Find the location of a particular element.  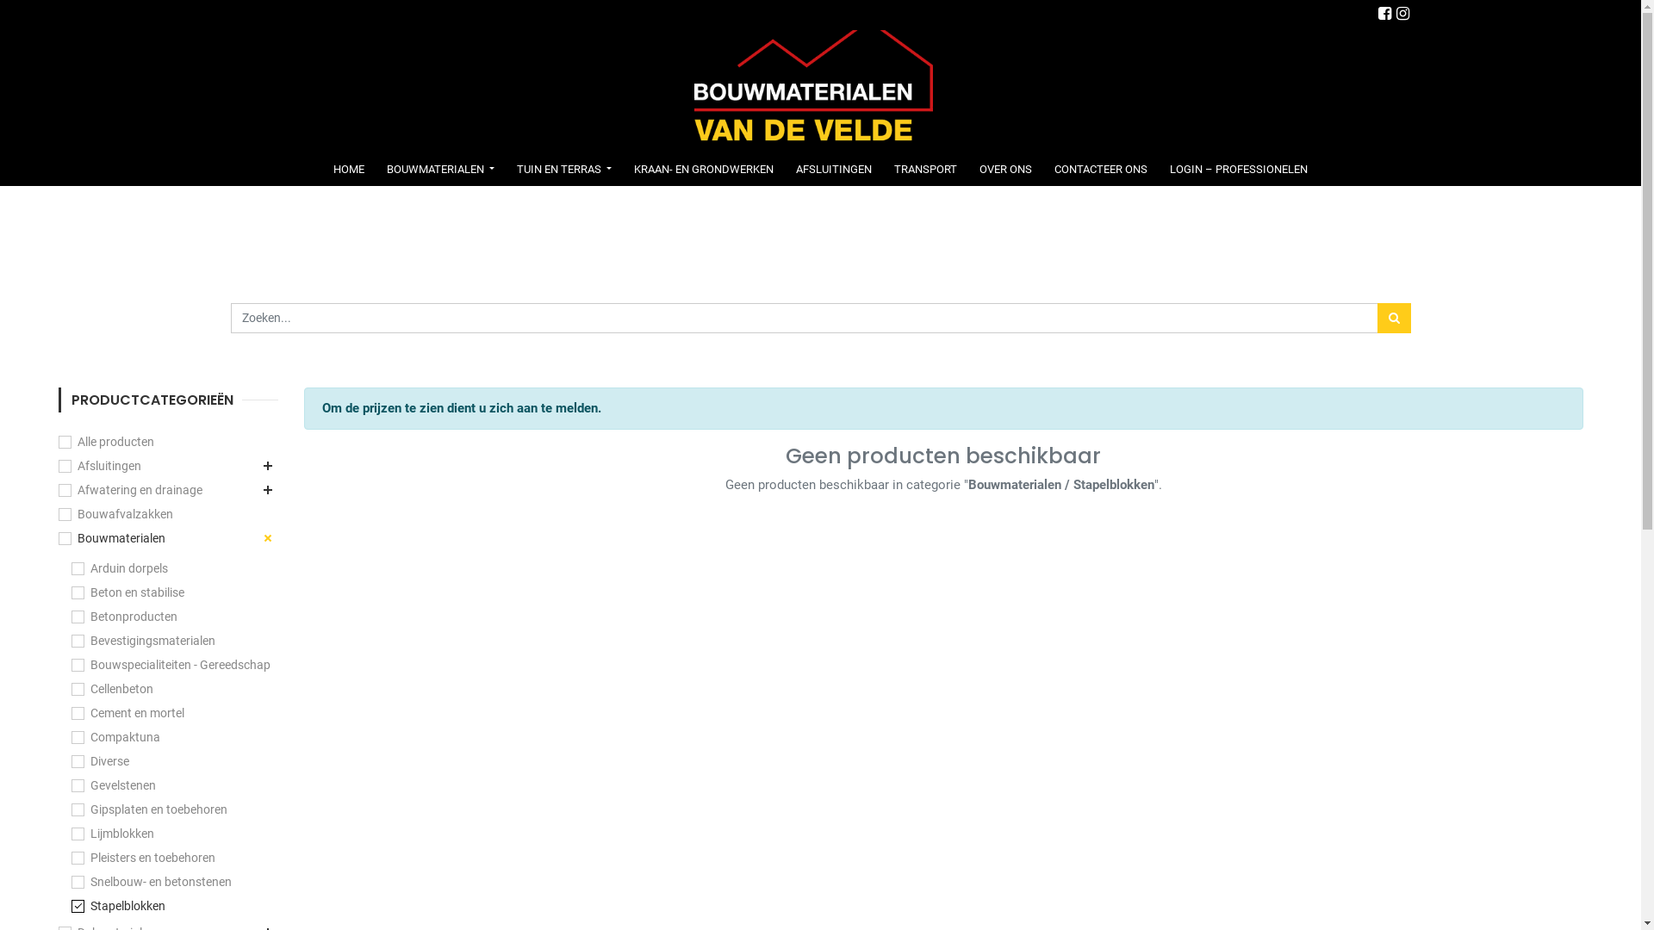

'Snelbouw- en betonstenen' is located at coordinates (150, 881).